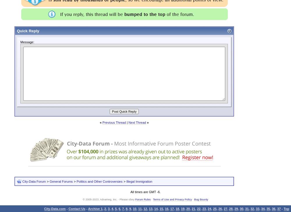 Image resolution: width=291 pixels, height=212 pixels. Describe the element at coordinates (123, 209) in the screenshot. I see `'7'` at that location.